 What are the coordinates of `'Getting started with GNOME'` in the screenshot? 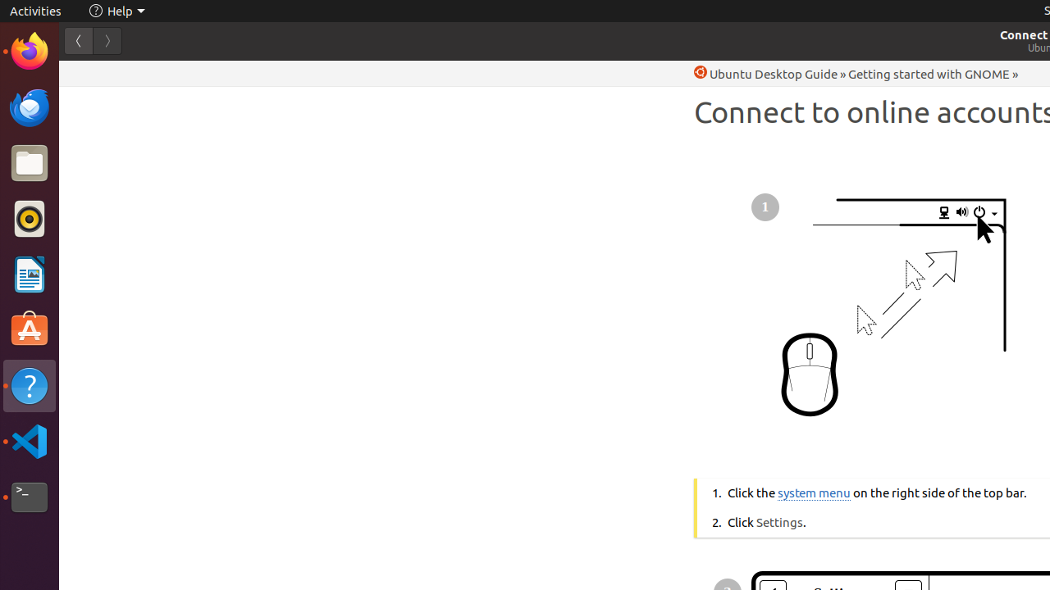 It's located at (929, 74).